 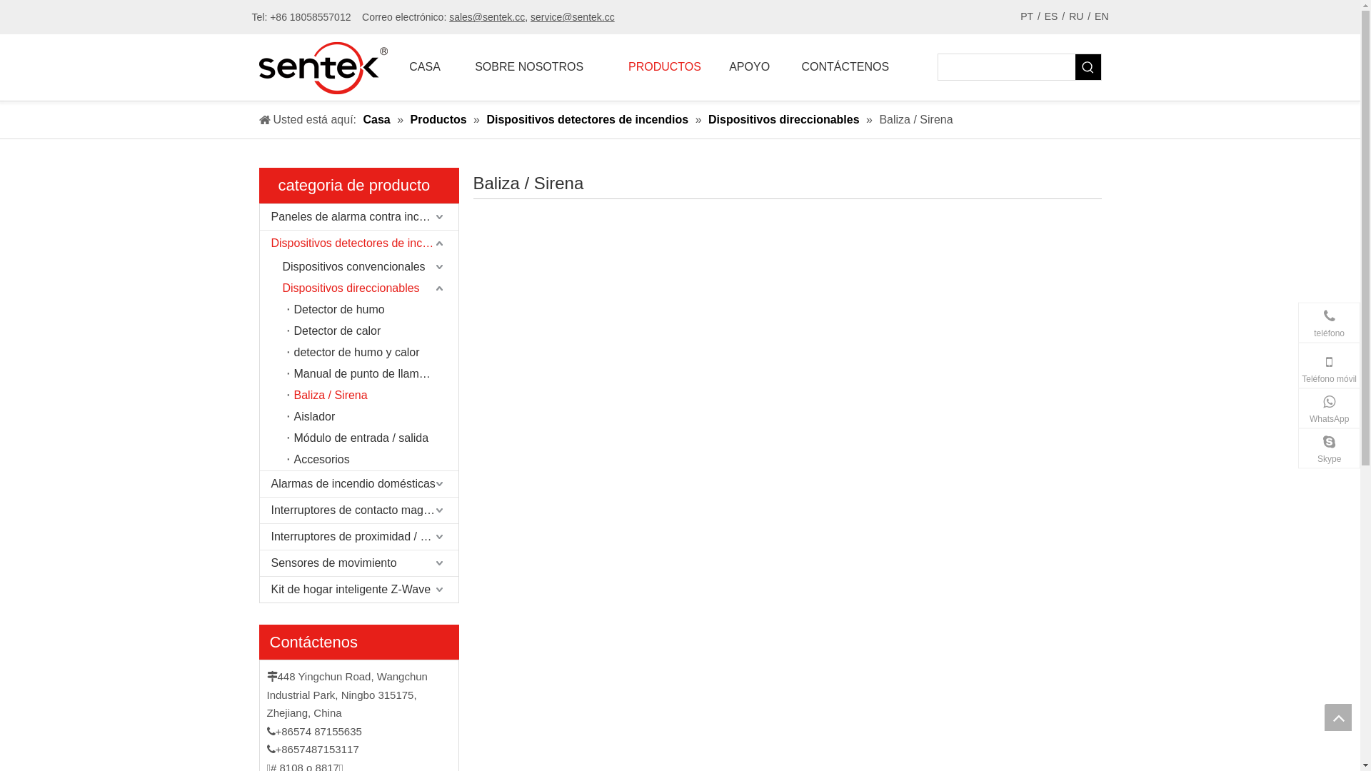 I want to click on 'Productos', so click(x=410, y=119).